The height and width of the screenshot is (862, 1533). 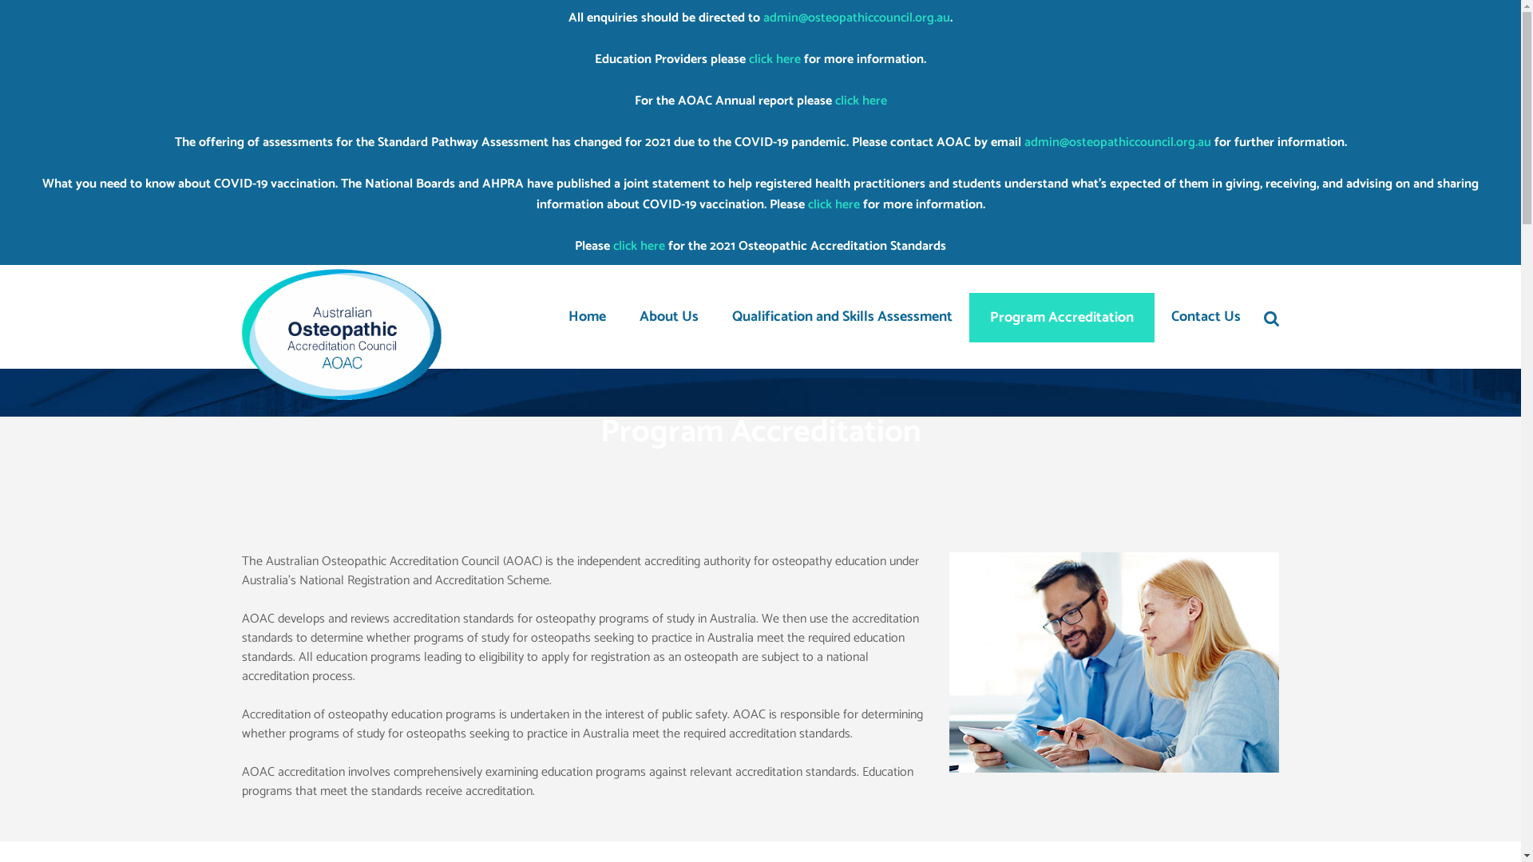 What do you see at coordinates (1206, 317) in the screenshot?
I see `'Contact Us'` at bounding box center [1206, 317].